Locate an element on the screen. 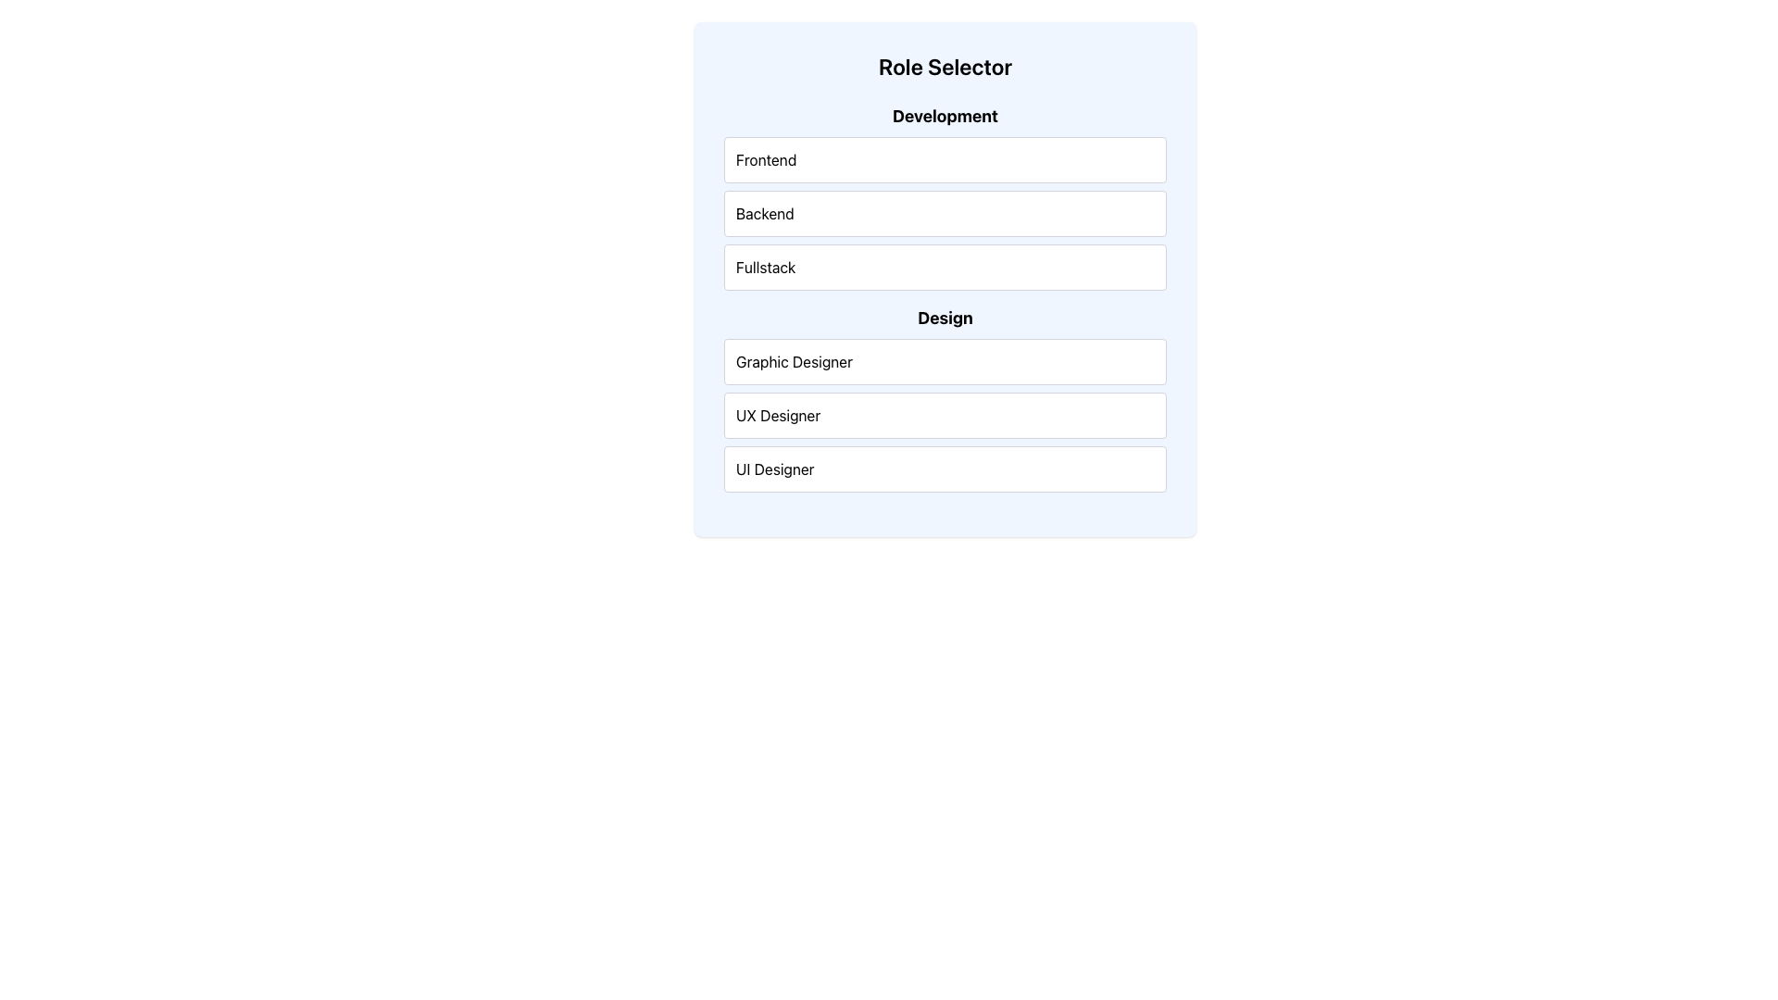 This screenshot has height=1000, width=1778. the selectable list item labeled 'Graphic Designer' is located at coordinates (945, 361).